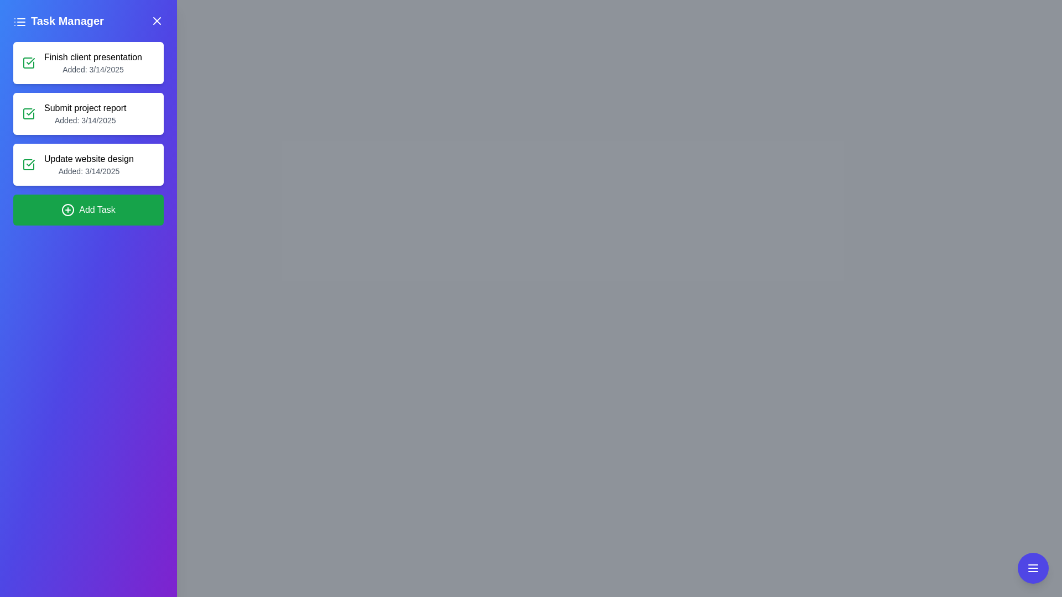 The image size is (1062, 597). Describe the element at coordinates (29, 164) in the screenshot. I see `the partially completed state of the task represented by the vector graphic in the left sidebar under 'Update website design'` at that location.